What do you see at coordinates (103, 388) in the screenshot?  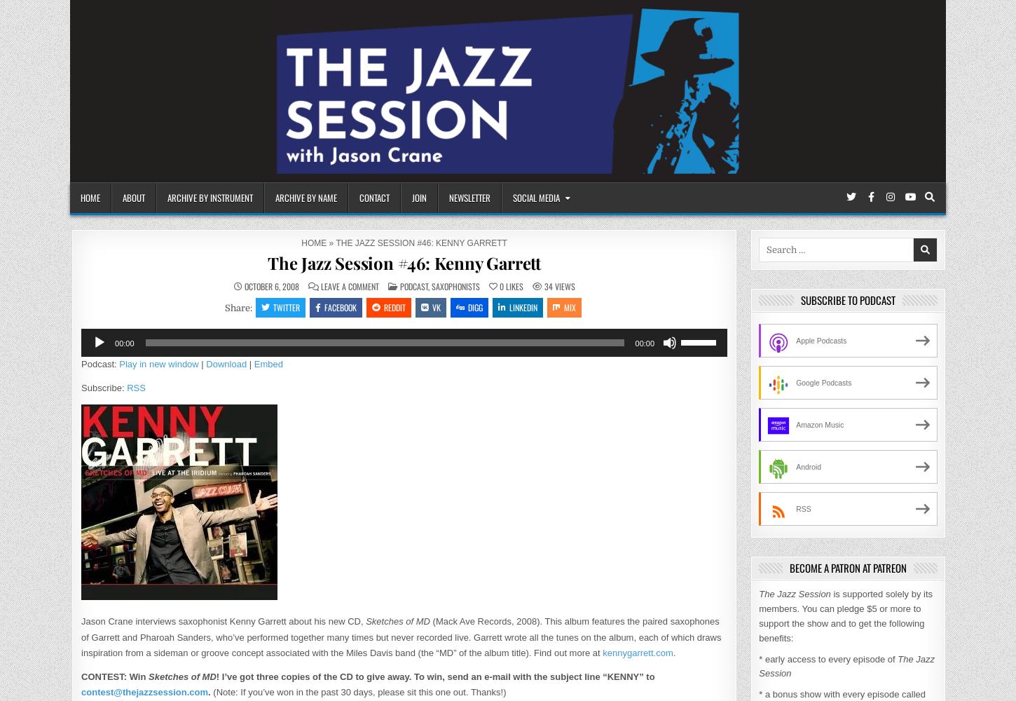 I see `'Subscribe:'` at bounding box center [103, 388].